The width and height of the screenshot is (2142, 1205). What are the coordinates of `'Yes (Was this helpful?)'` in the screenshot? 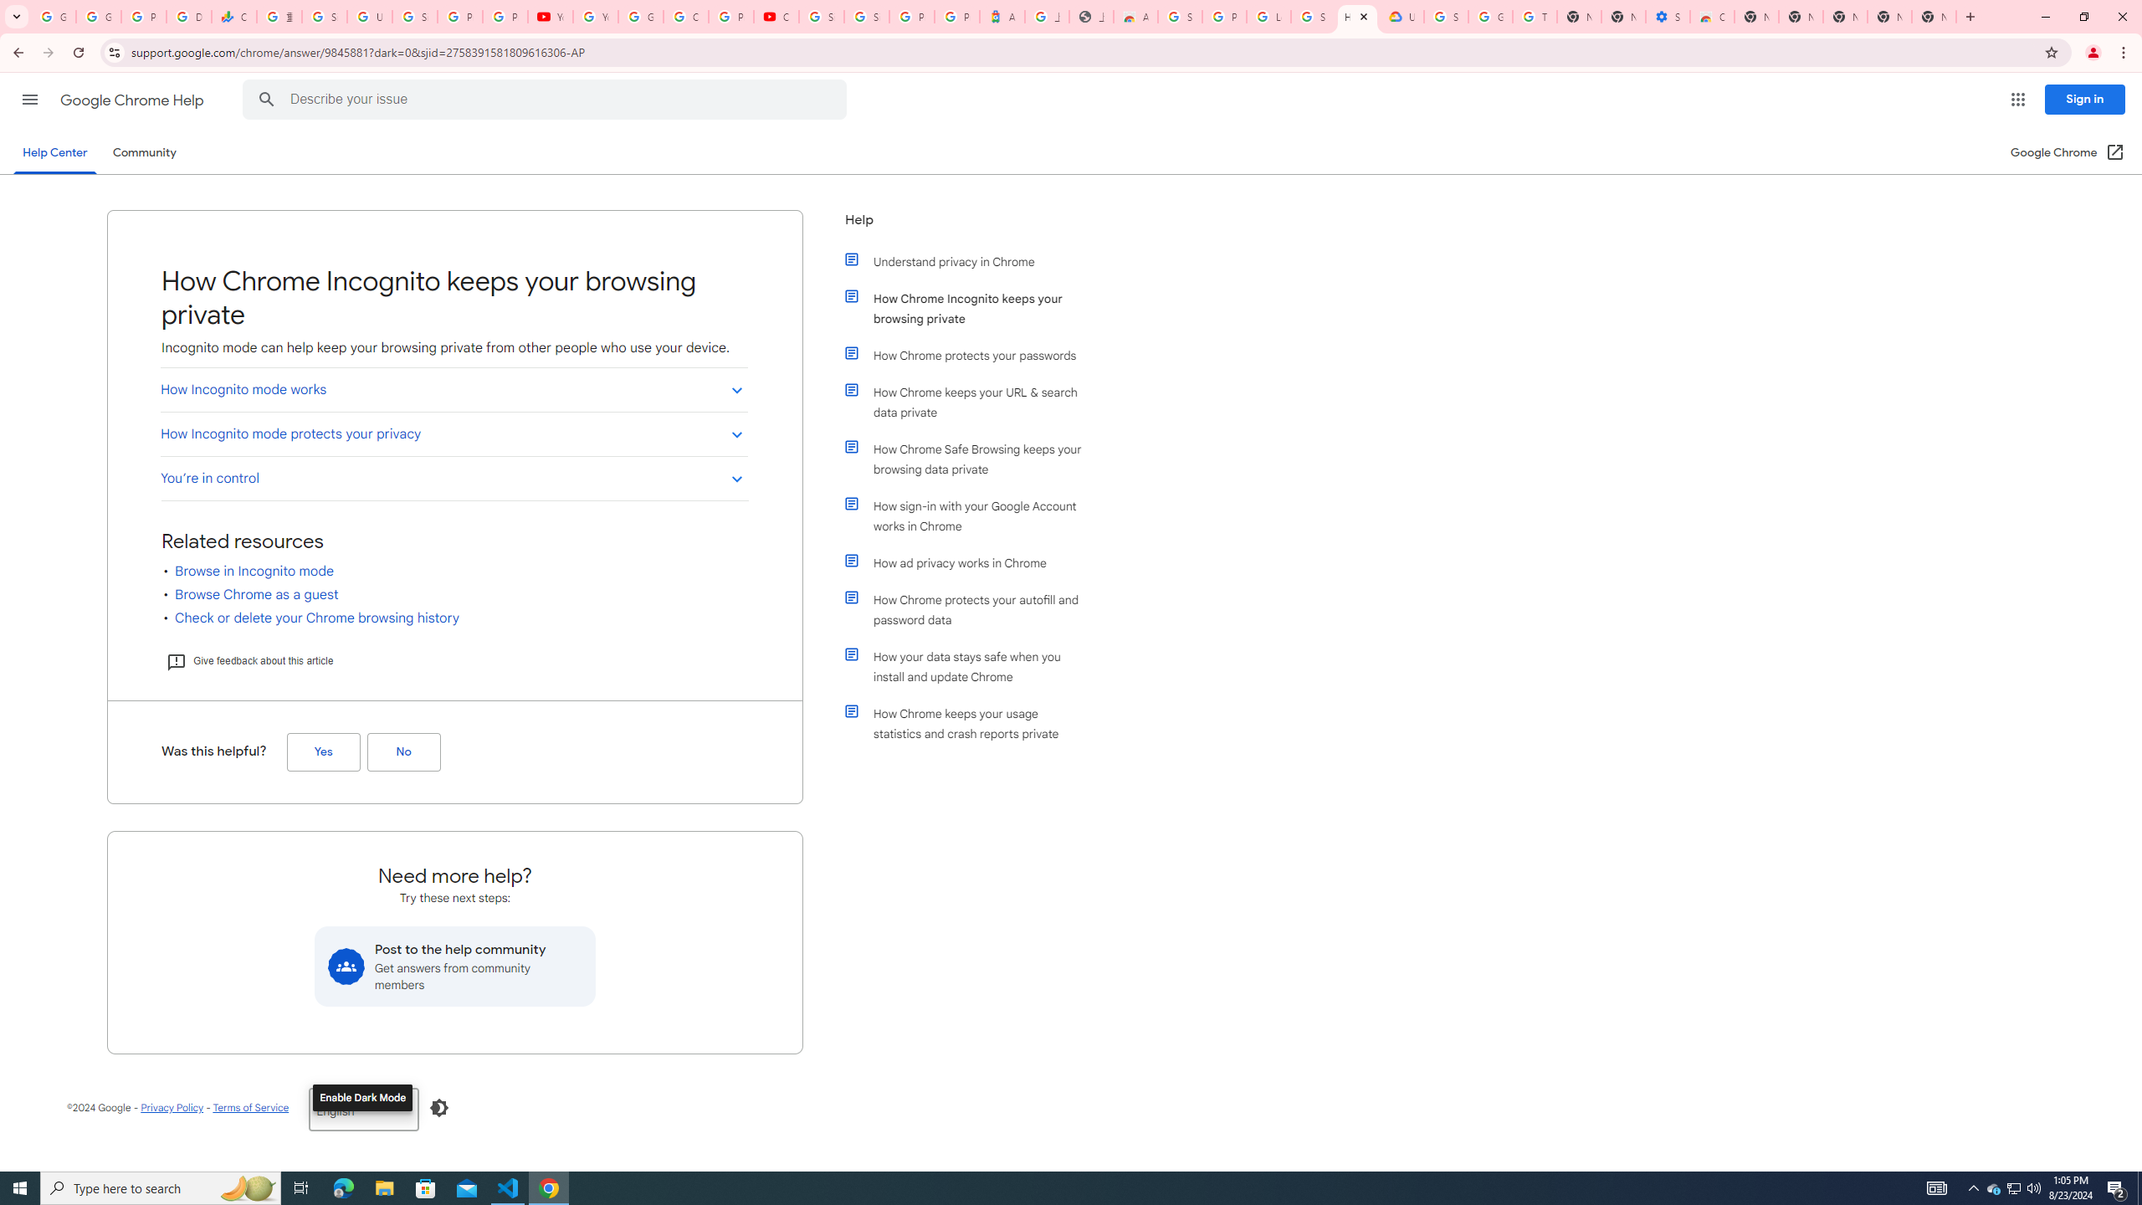 It's located at (323, 751).